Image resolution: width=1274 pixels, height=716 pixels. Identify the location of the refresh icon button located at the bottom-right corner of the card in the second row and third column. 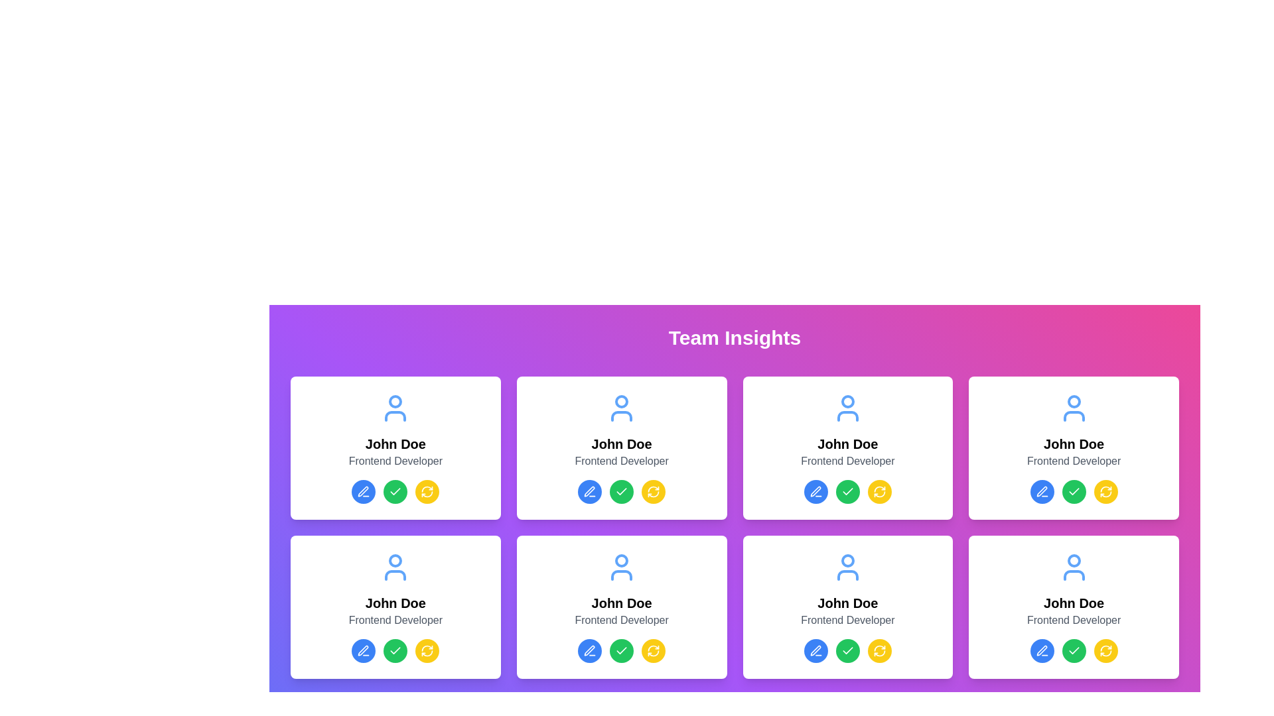
(654, 491).